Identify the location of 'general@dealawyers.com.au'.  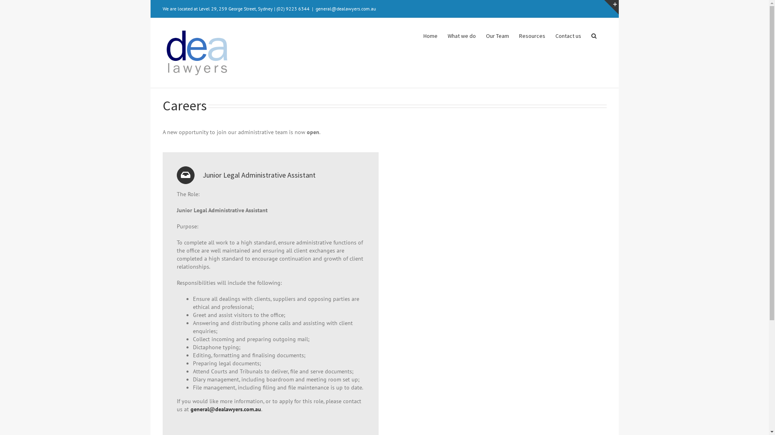
(226, 409).